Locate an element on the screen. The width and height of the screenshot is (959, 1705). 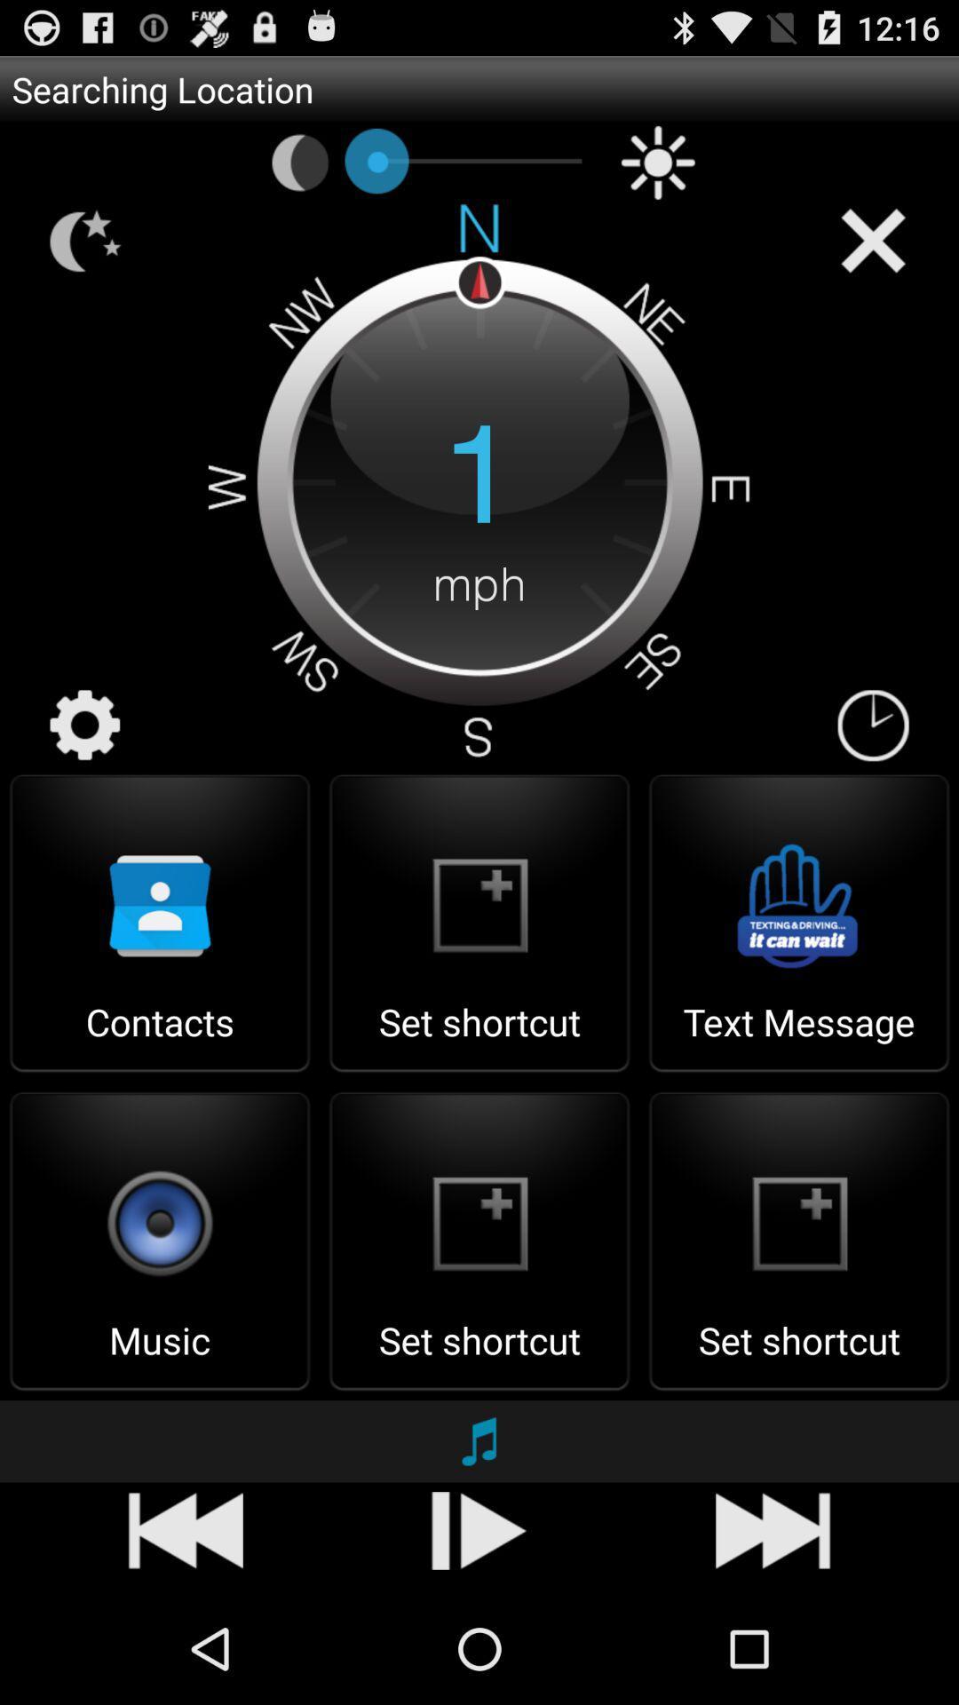
the av_rewind icon is located at coordinates (186, 1637).